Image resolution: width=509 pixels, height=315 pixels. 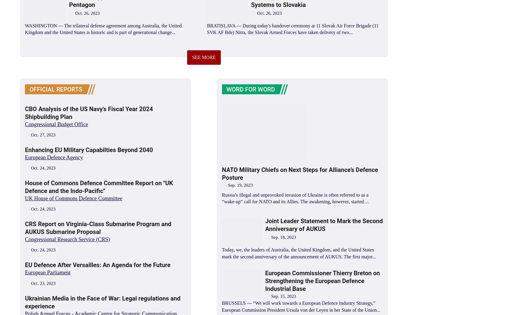 What do you see at coordinates (43, 134) in the screenshot?
I see `'Oct. 27, 2023'` at bounding box center [43, 134].